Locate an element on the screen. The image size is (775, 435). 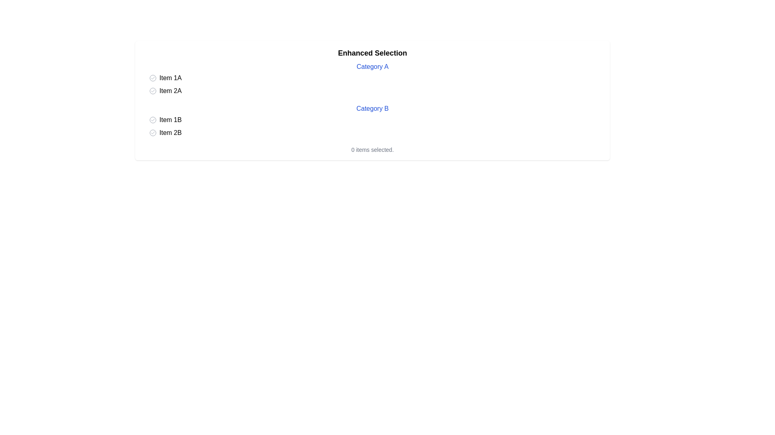
the selected list item under 'Category A', which is the second item marked with a circular checkmark icon is located at coordinates (170, 120).